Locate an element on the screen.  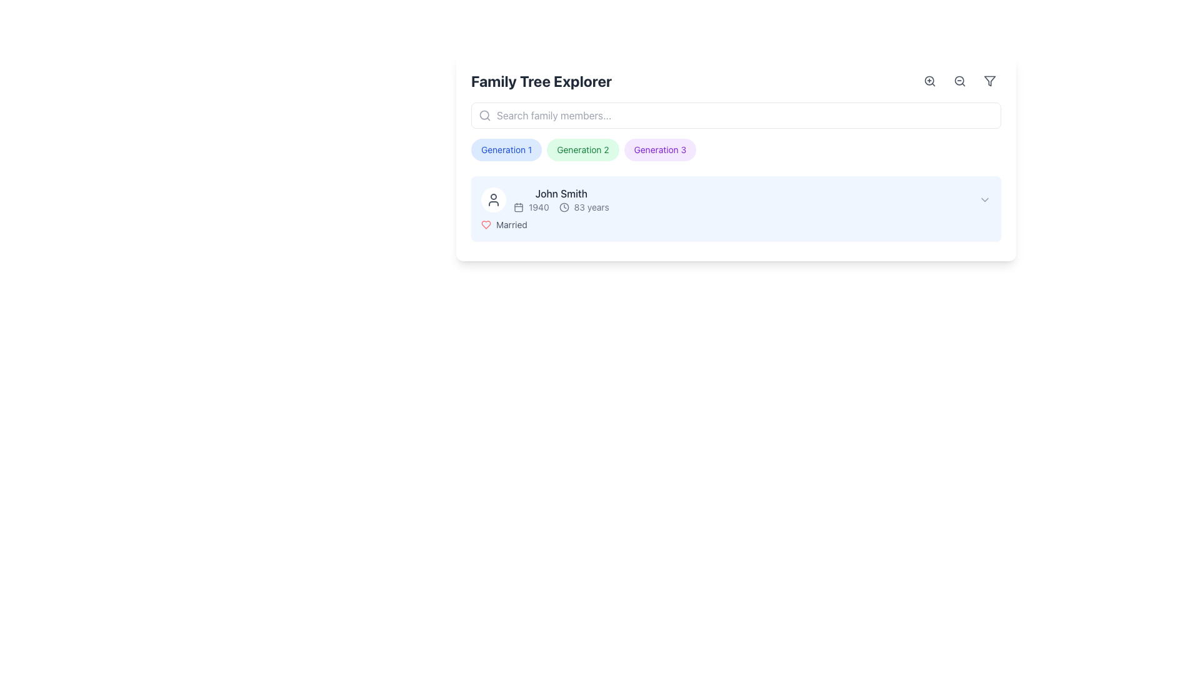
text label displaying 'Married', which is styled in gray and located next to a red heart icon in the family tree interface is located at coordinates (511, 224).